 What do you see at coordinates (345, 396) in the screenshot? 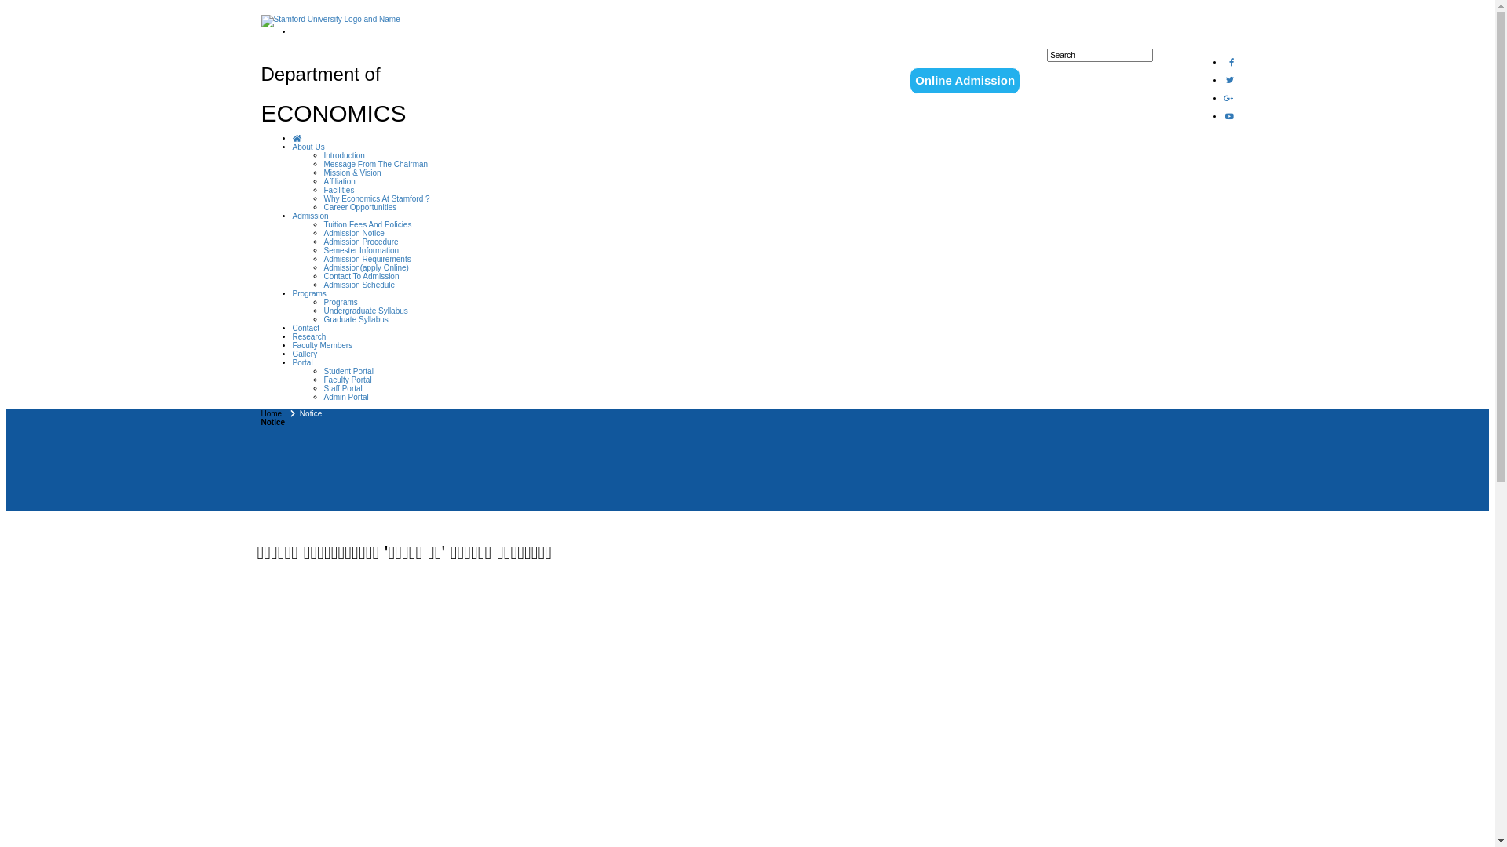
I see `'Admin Portal'` at bounding box center [345, 396].